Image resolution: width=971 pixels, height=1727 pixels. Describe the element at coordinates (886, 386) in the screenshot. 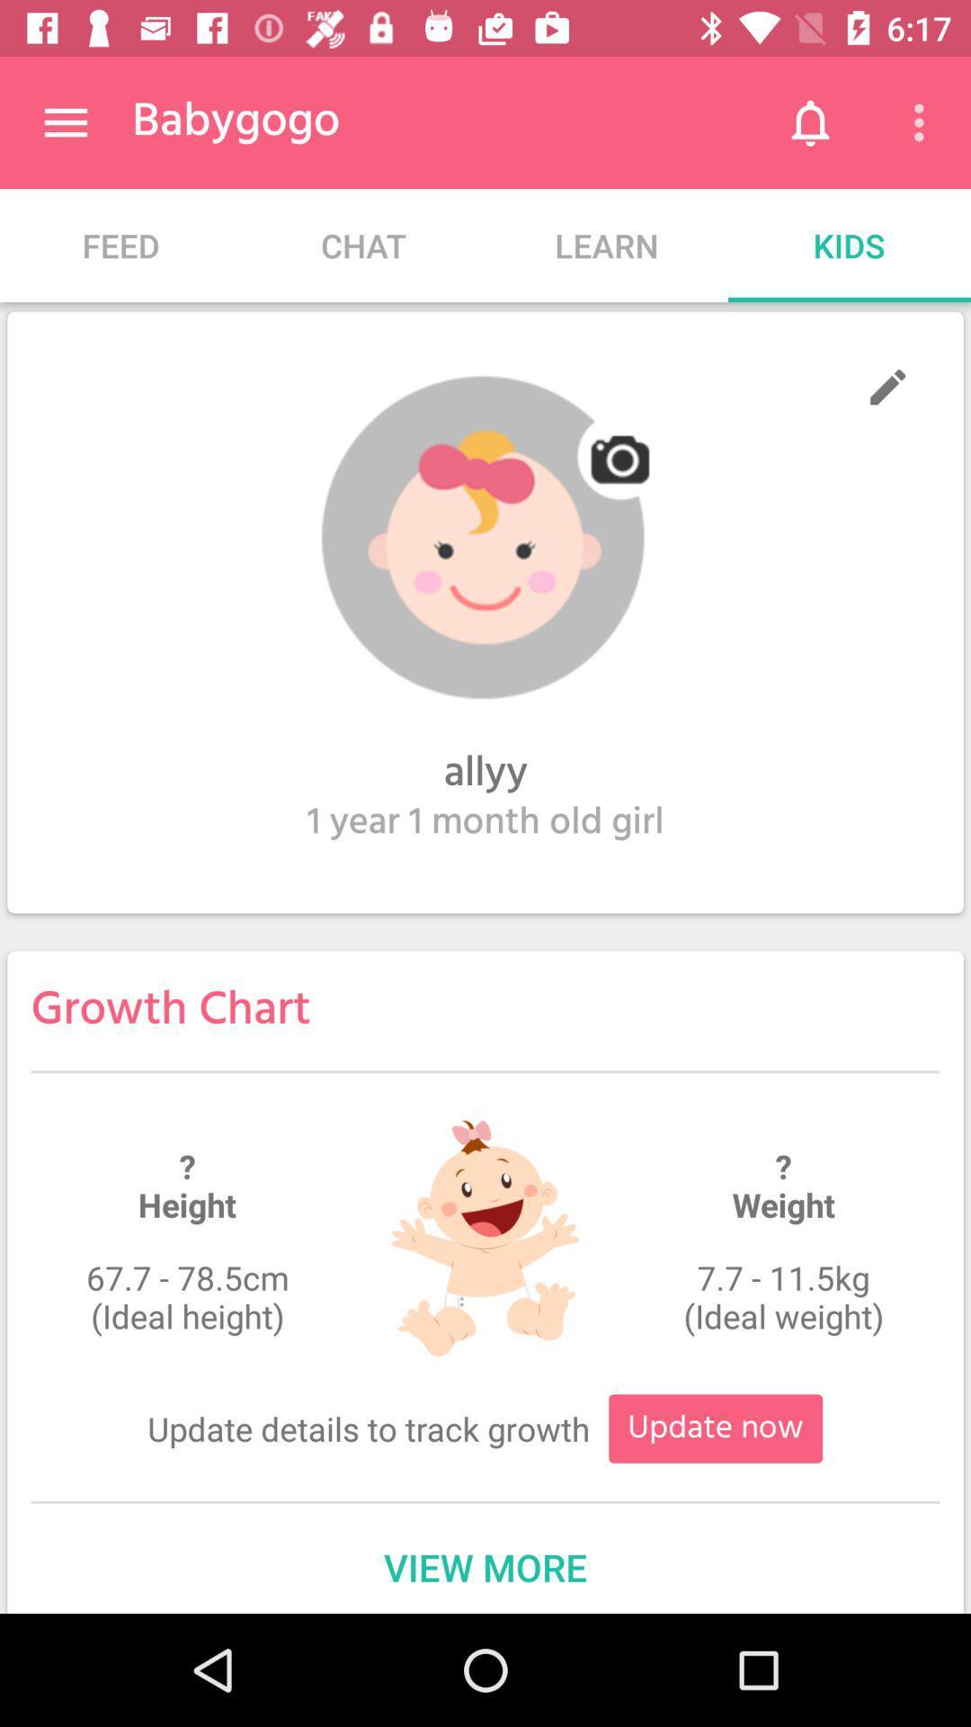

I see `edit kid avatar` at that location.